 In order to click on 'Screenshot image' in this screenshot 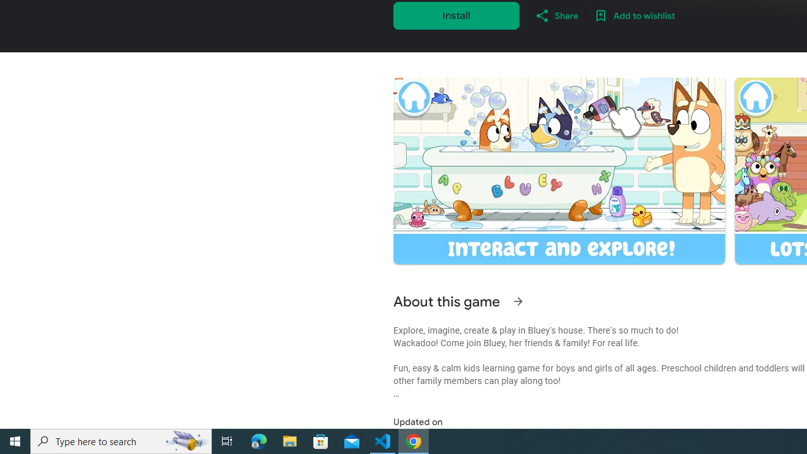, I will do `click(558, 171)`.